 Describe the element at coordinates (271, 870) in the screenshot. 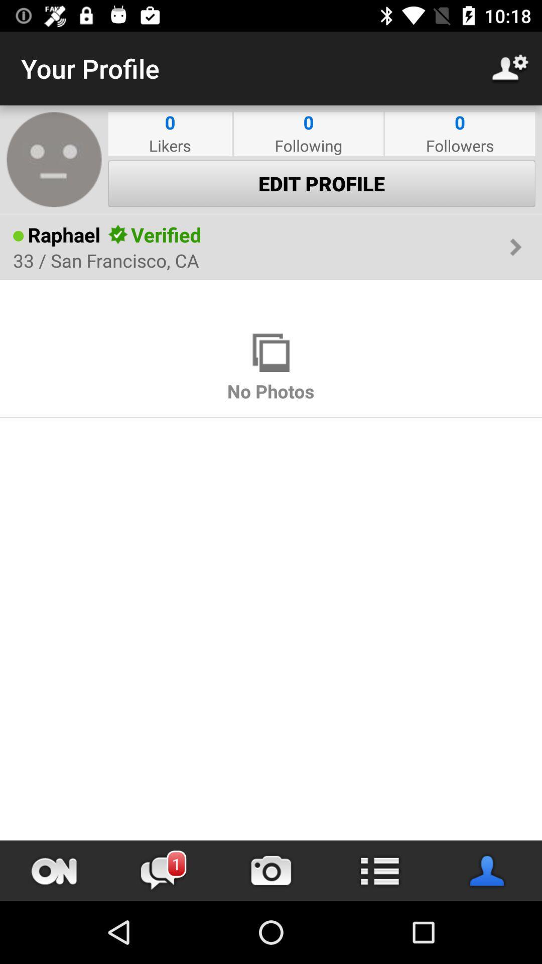

I see `open camera` at that location.